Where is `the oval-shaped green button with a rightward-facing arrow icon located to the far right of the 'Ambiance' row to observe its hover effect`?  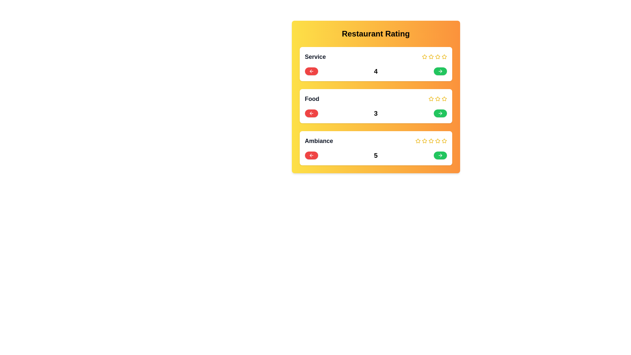
the oval-shaped green button with a rightward-facing arrow icon located to the far right of the 'Ambiance' row to observe its hover effect is located at coordinates (440, 155).